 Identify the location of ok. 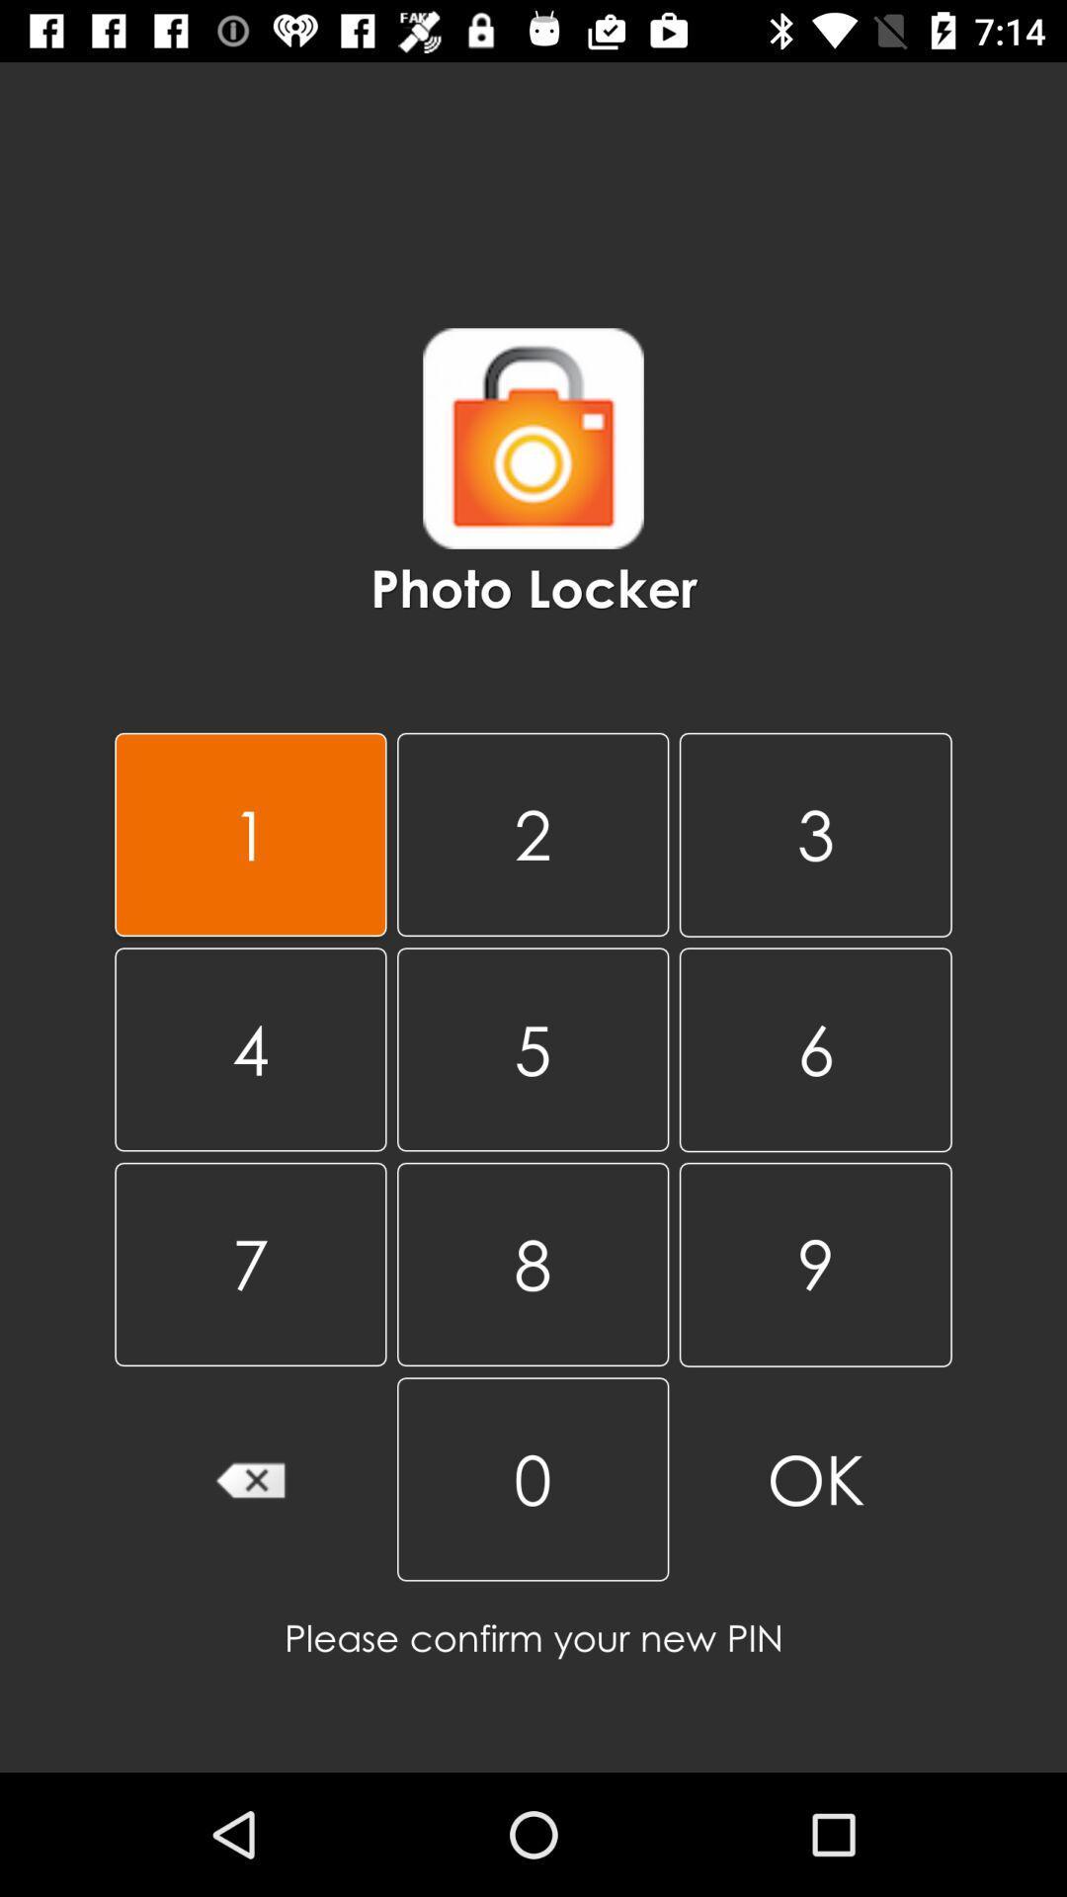
(815, 1479).